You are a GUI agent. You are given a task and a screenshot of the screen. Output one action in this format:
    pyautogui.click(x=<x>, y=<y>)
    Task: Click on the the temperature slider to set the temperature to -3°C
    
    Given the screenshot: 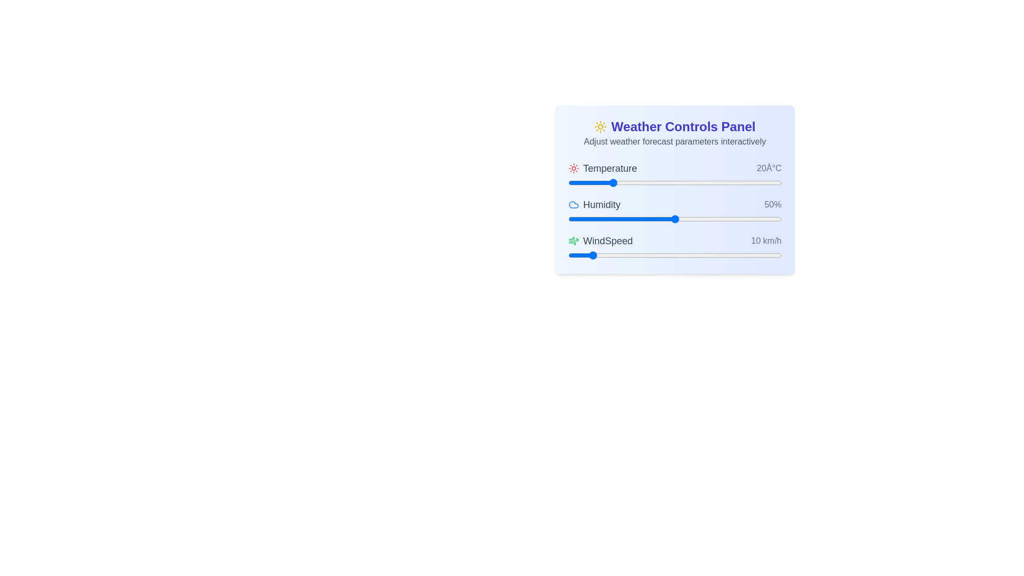 What is the action you would take?
    pyautogui.click(x=628, y=182)
    